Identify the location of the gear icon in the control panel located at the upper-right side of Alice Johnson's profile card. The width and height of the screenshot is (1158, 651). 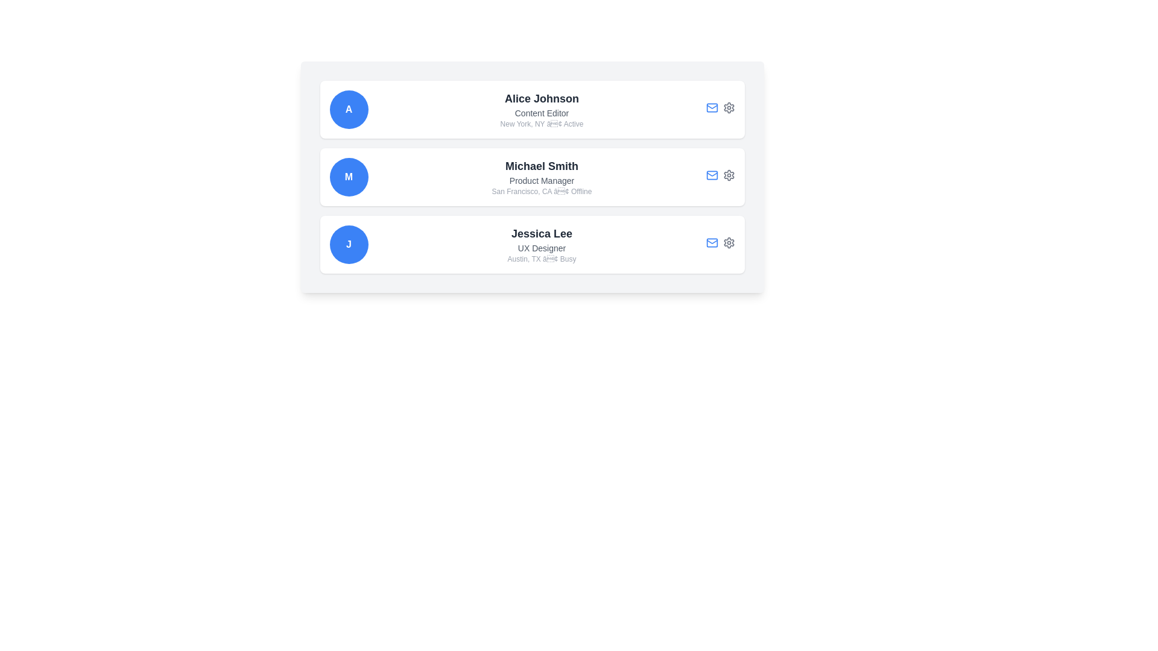
(720, 109).